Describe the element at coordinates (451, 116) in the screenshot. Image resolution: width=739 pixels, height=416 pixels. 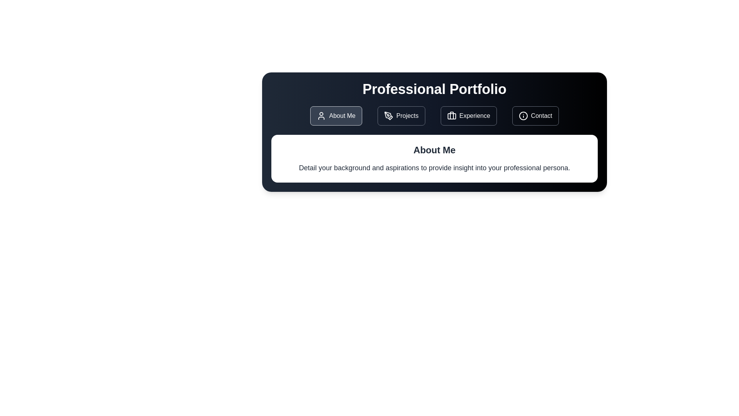
I see `the 'Experience' navigation button icon, which is part of the third button in a horizontal list of navigation options` at that location.